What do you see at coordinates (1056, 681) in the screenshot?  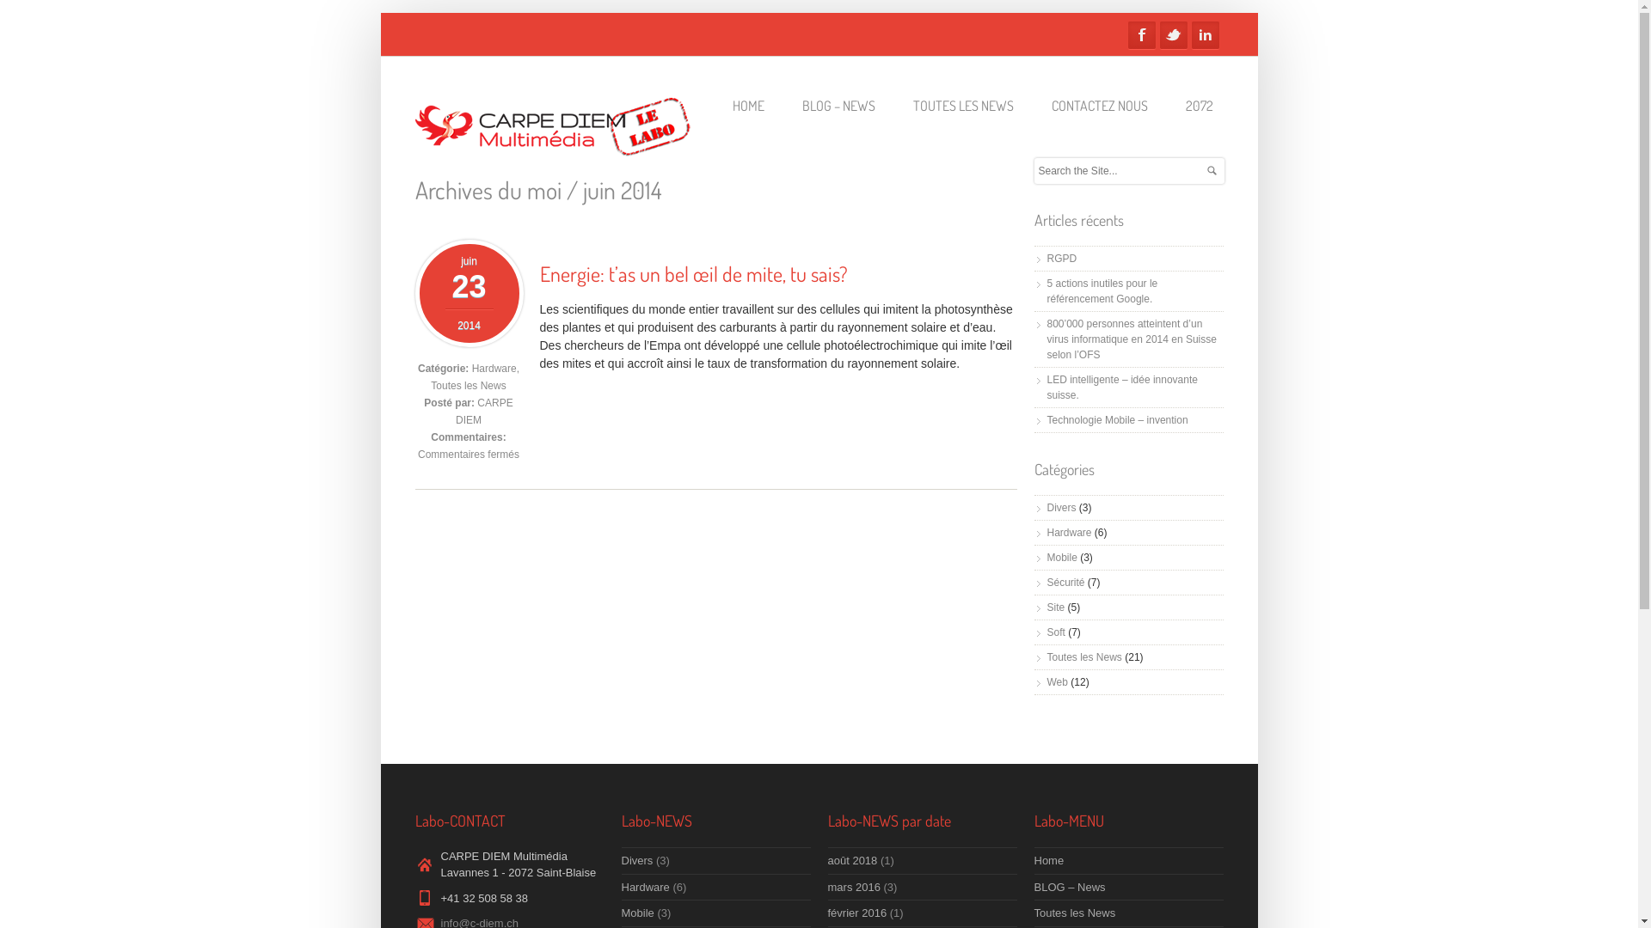 I see `'Web'` at bounding box center [1056, 681].